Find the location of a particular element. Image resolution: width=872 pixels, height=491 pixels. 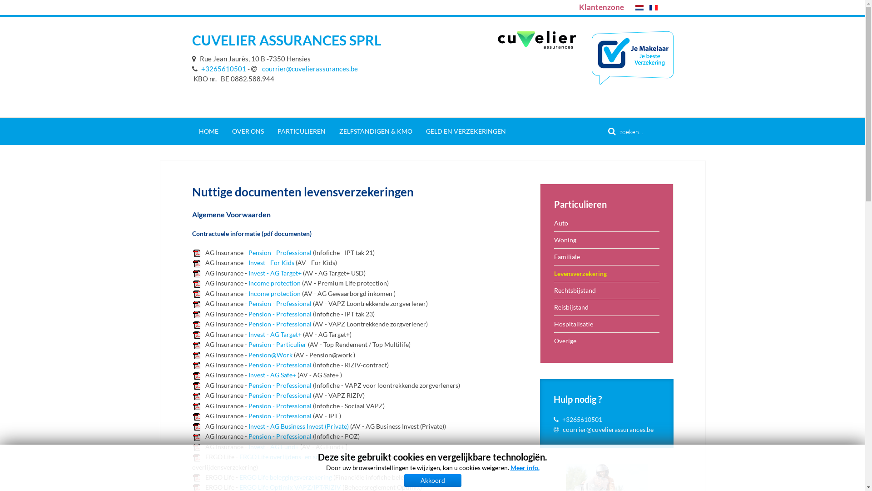

'Pension - Professional' is located at coordinates (279, 252).